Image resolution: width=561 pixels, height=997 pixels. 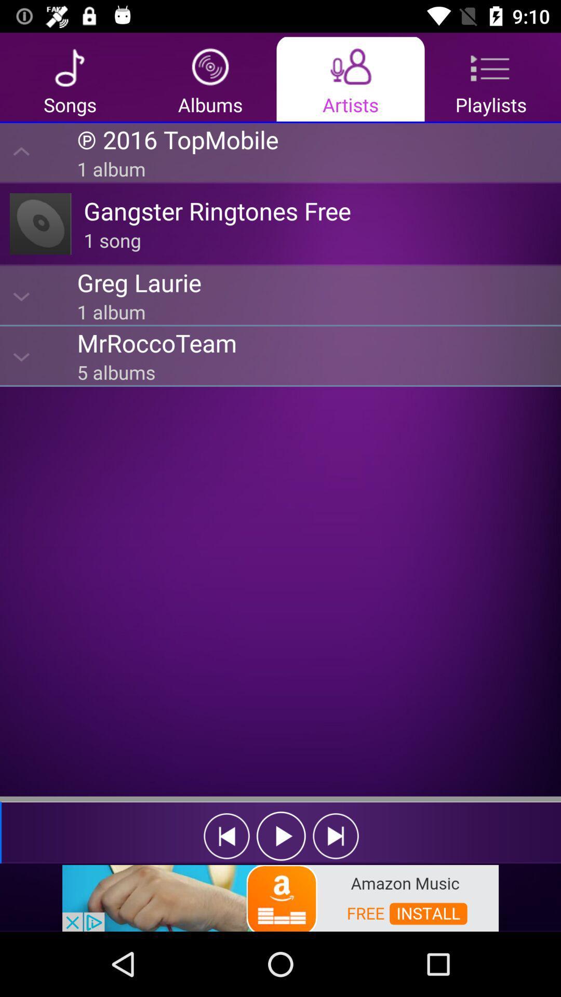 What do you see at coordinates (280, 897) in the screenshot?
I see `showing advertisements` at bounding box center [280, 897].